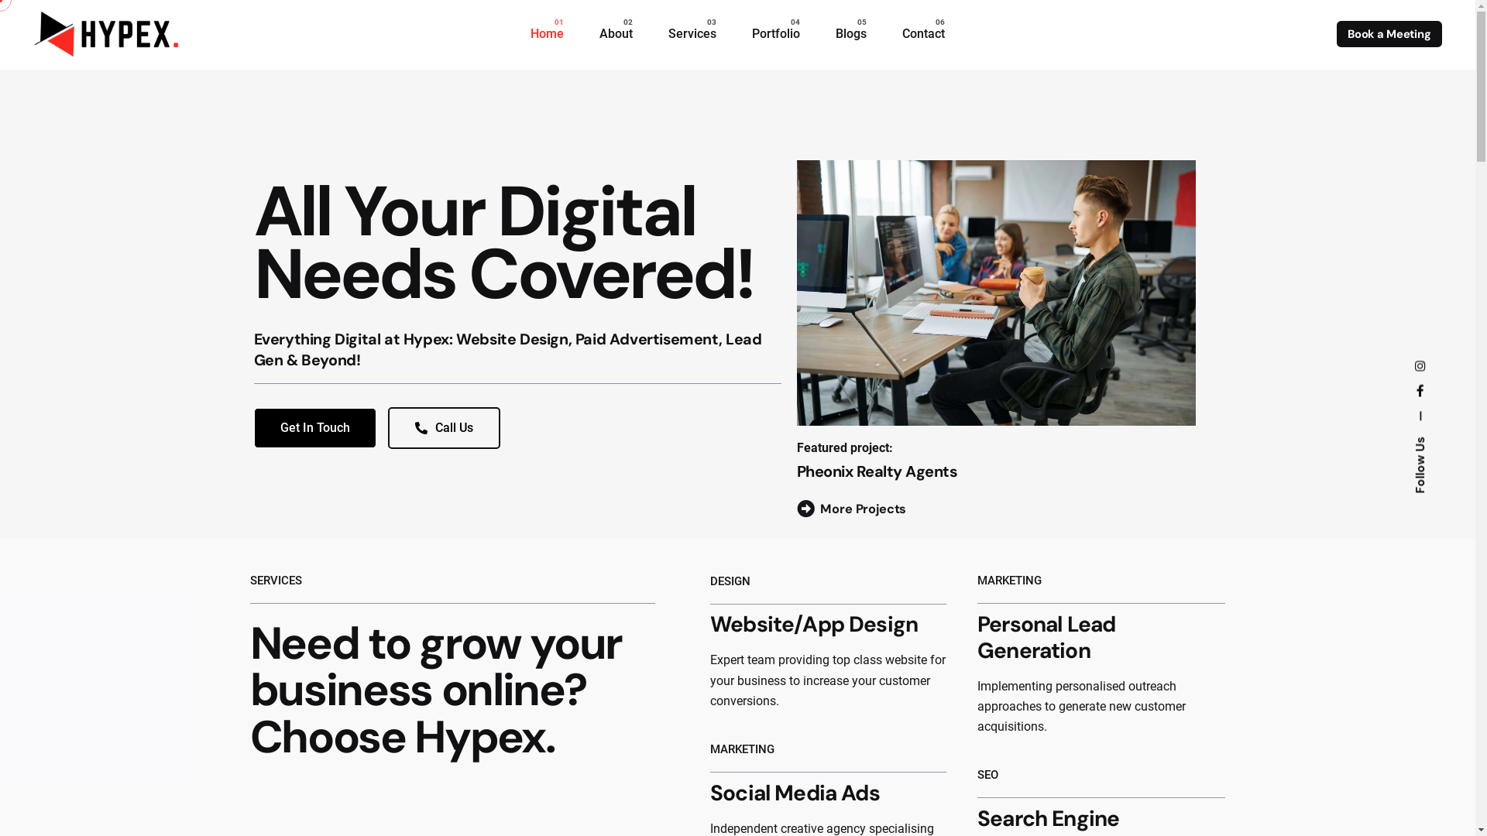 This screenshot has width=1487, height=836. What do you see at coordinates (1389, 33) in the screenshot?
I see `'Book a Meeting'` at bounding box center [1389, 33].